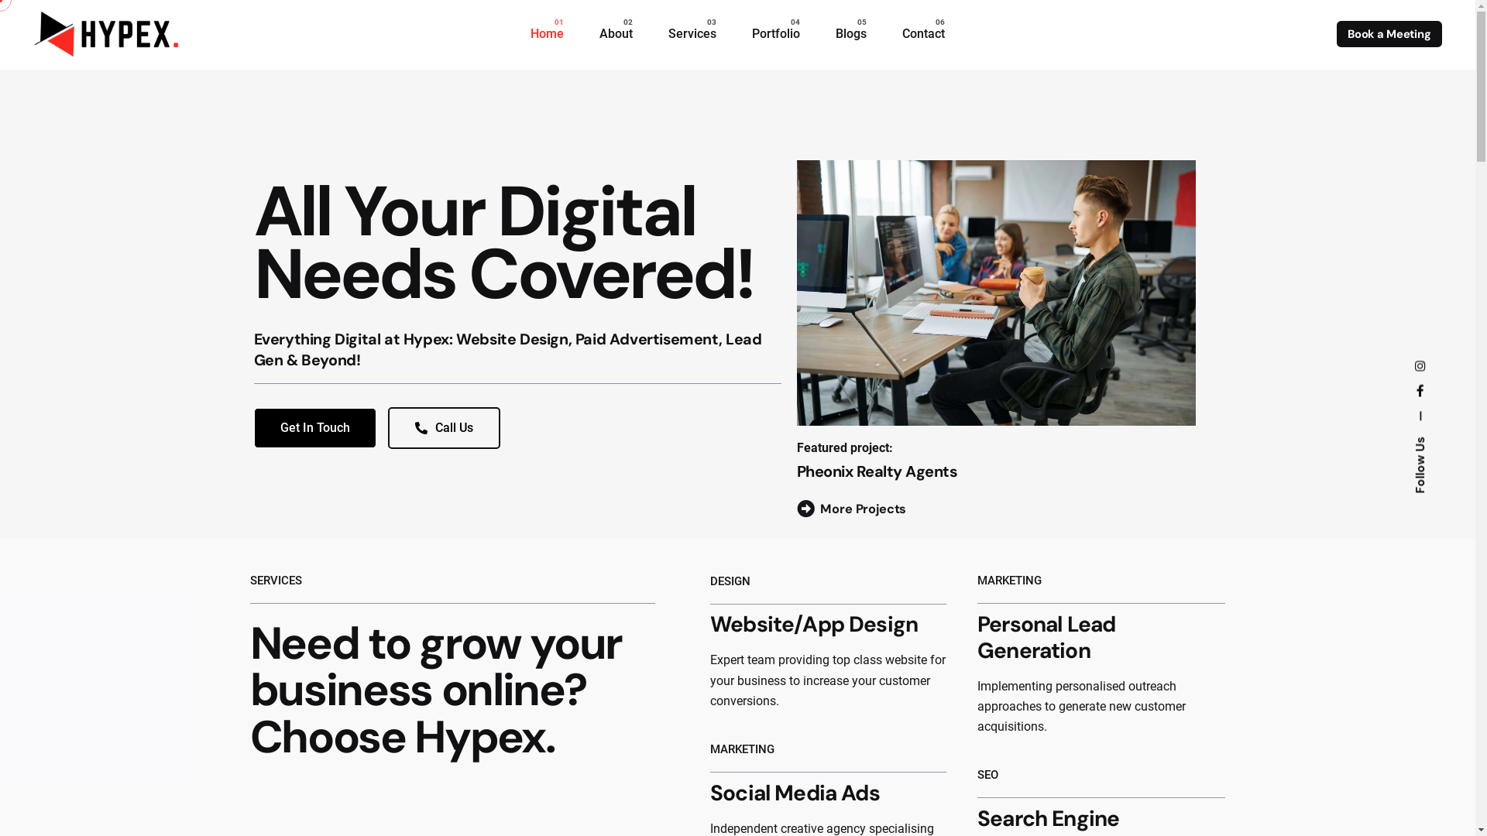 This screenshot has width=1487, height=836. What do you see at coordinates (1389, 33) in the screenshot?
I see `'Book a Meeting'` at bounding box center [1389, 33].